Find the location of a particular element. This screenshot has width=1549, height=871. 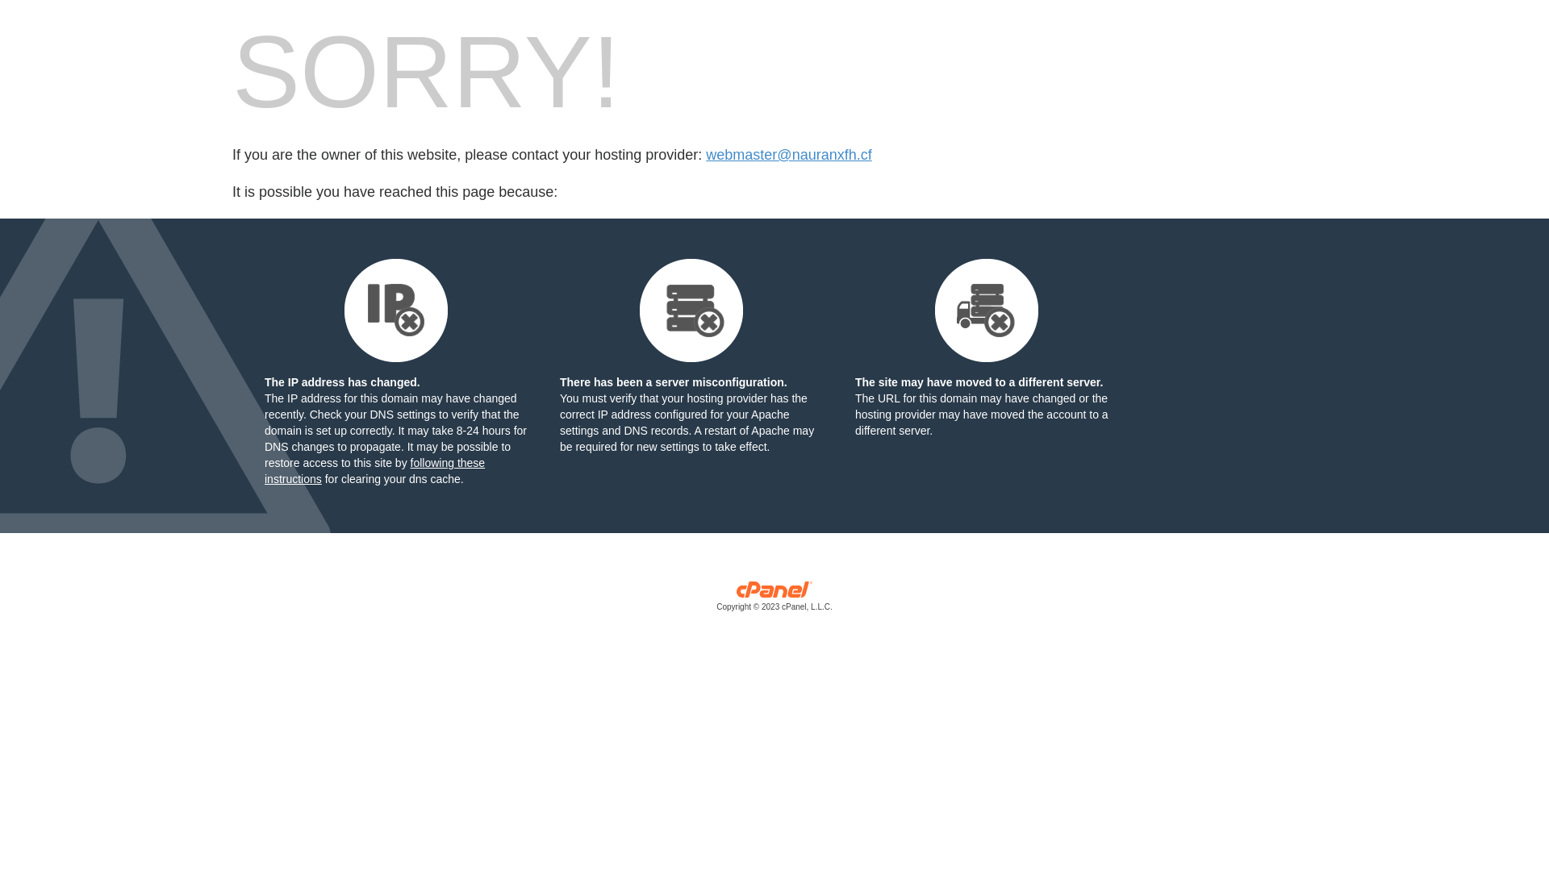

'webmaster@nauranxfh.cf' is located at coordinates (788, 155).